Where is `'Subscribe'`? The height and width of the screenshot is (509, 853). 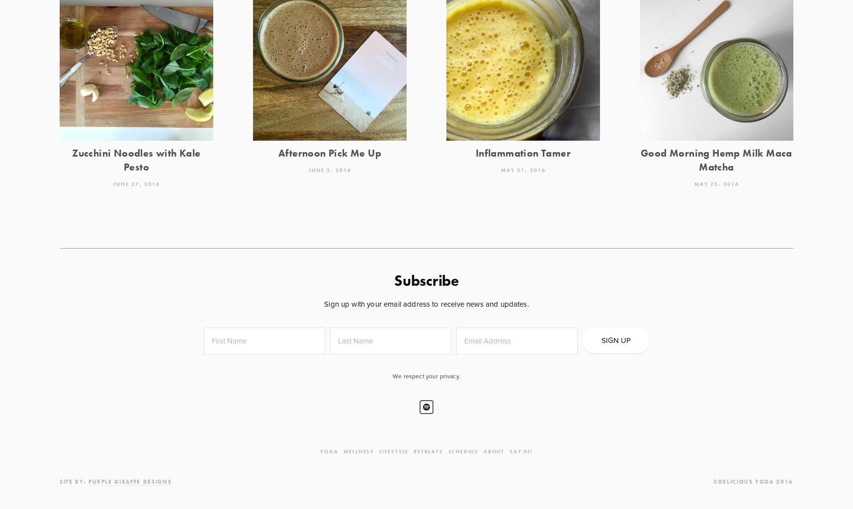
'Subscribe' is located at coordinates (426, 280).